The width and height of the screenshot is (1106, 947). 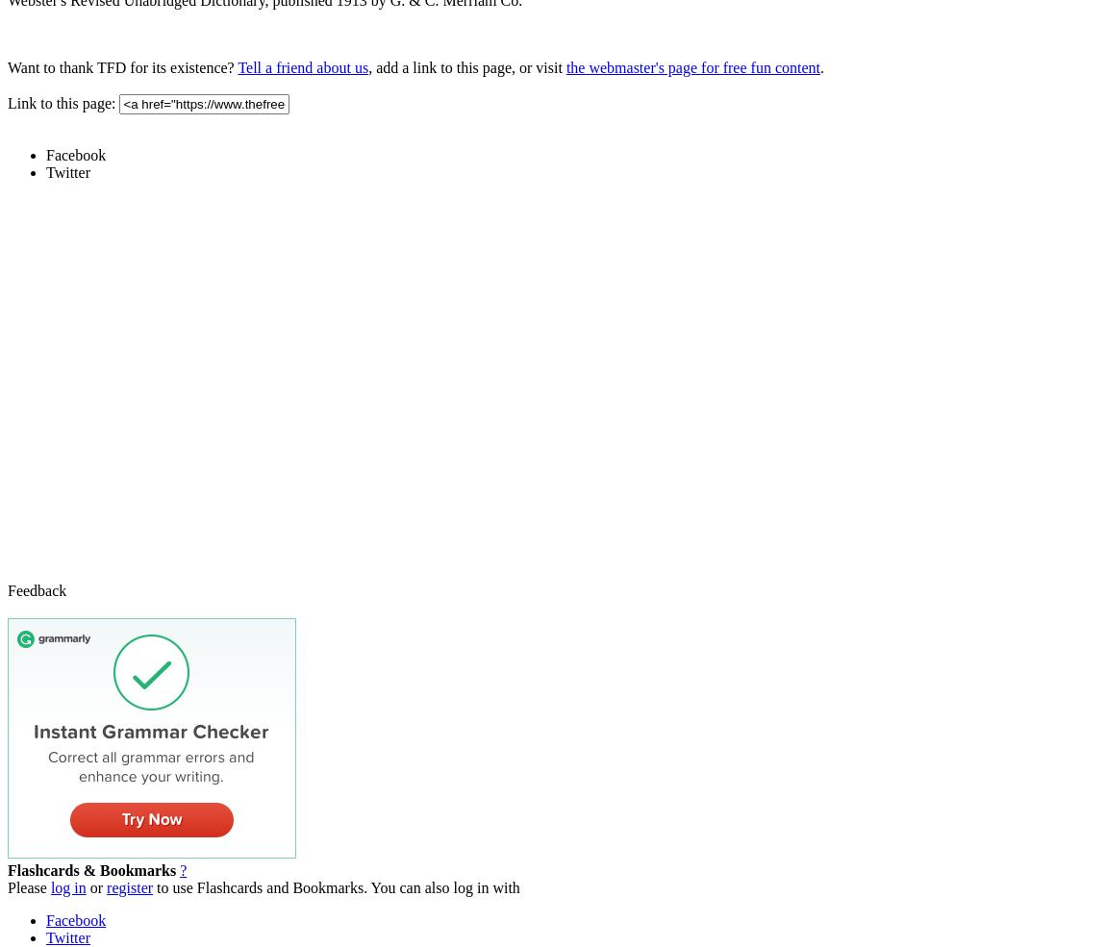 I want to click on 'Feedback', so click(x=7, y=588).